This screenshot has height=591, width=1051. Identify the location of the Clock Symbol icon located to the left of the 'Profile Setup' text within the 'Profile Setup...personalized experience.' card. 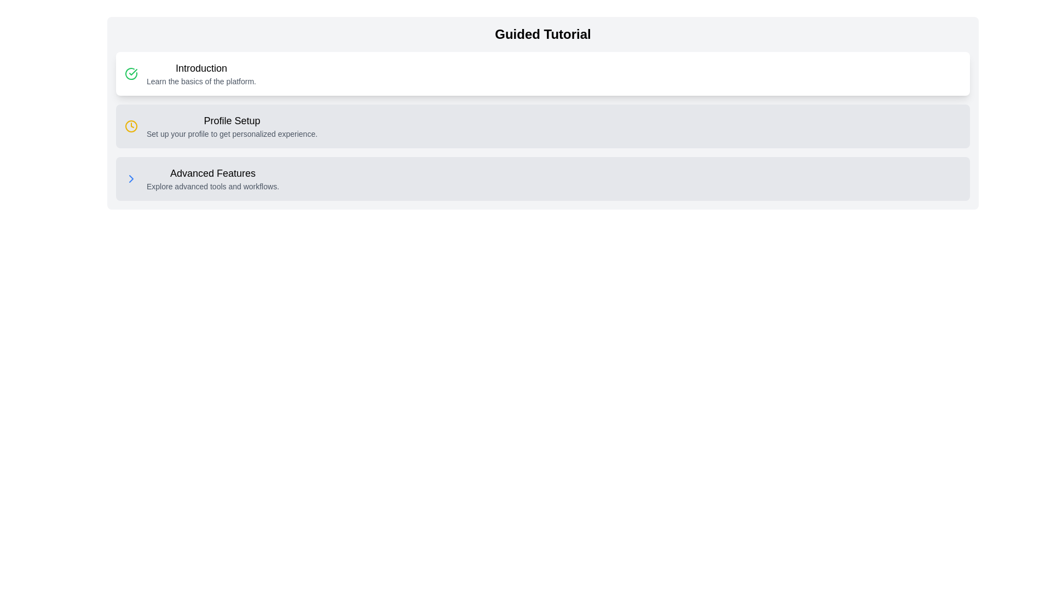
(131, 126).